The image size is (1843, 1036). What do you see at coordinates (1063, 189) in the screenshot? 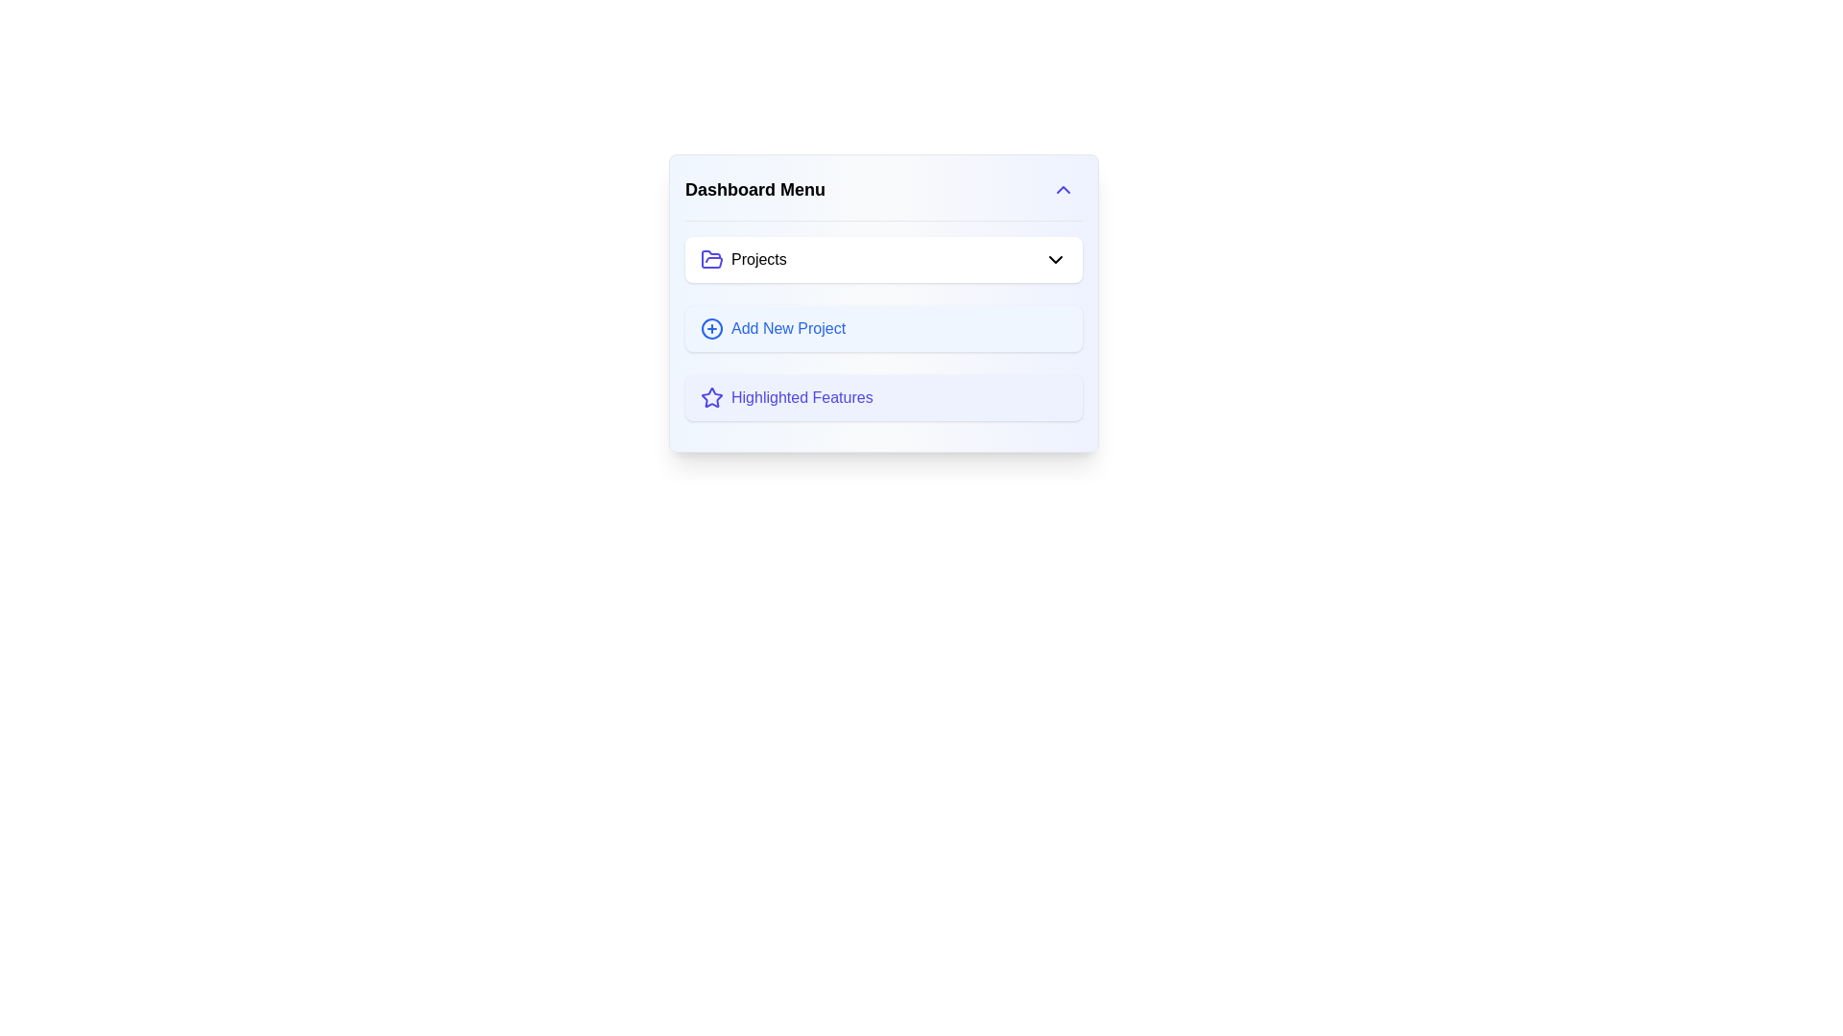
I see `the button with a chevron up icon located in the top-right corner of the 'Dashboard Menu'` at bounding box center [1063, 189].